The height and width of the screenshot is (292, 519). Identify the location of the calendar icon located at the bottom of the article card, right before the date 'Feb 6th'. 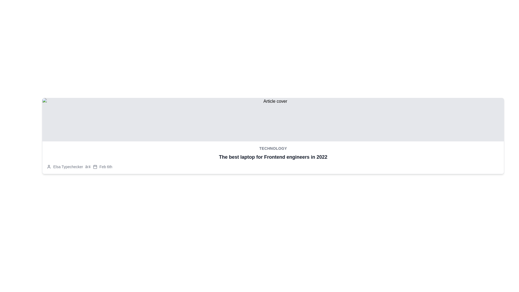
(95, 167).